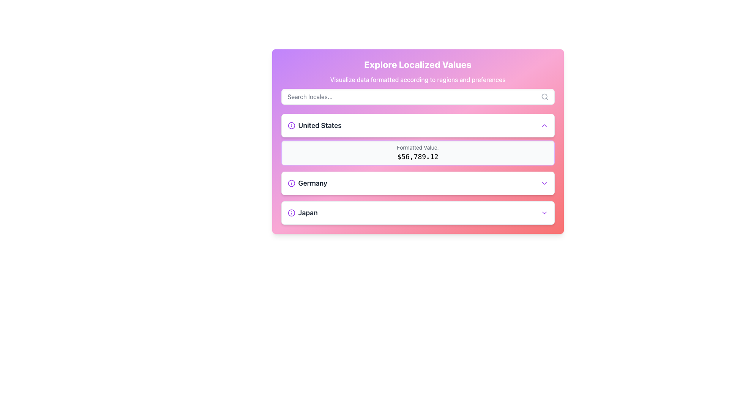  What do you see at coordinates (308, 213) in the screenshot?
I see `text of the label representing the locale 'Japan', which is the fourth item in the list below the 'Germany' label` at bounding box center [308, 213].